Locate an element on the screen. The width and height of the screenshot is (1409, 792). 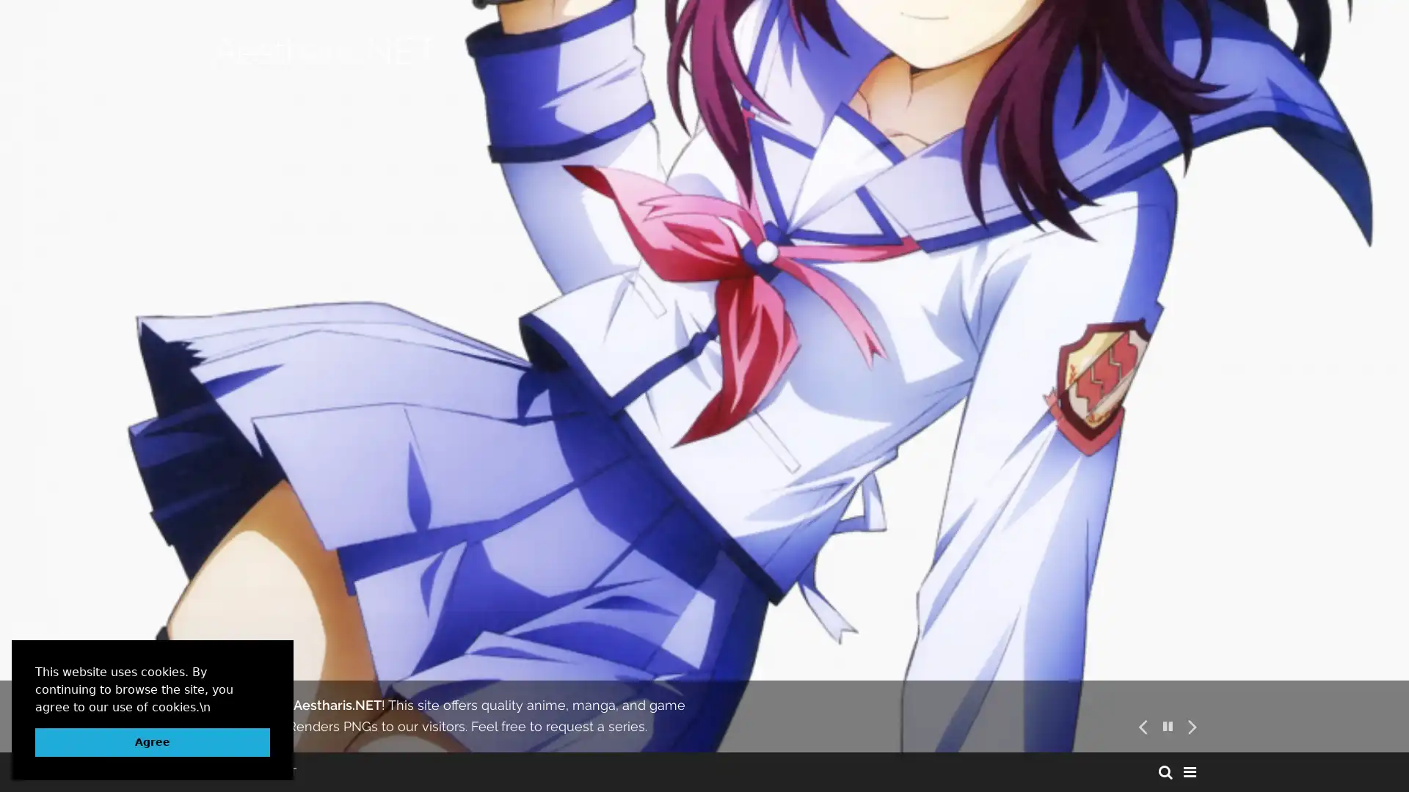
learn more about cookies is located at coordinates (215, 707).